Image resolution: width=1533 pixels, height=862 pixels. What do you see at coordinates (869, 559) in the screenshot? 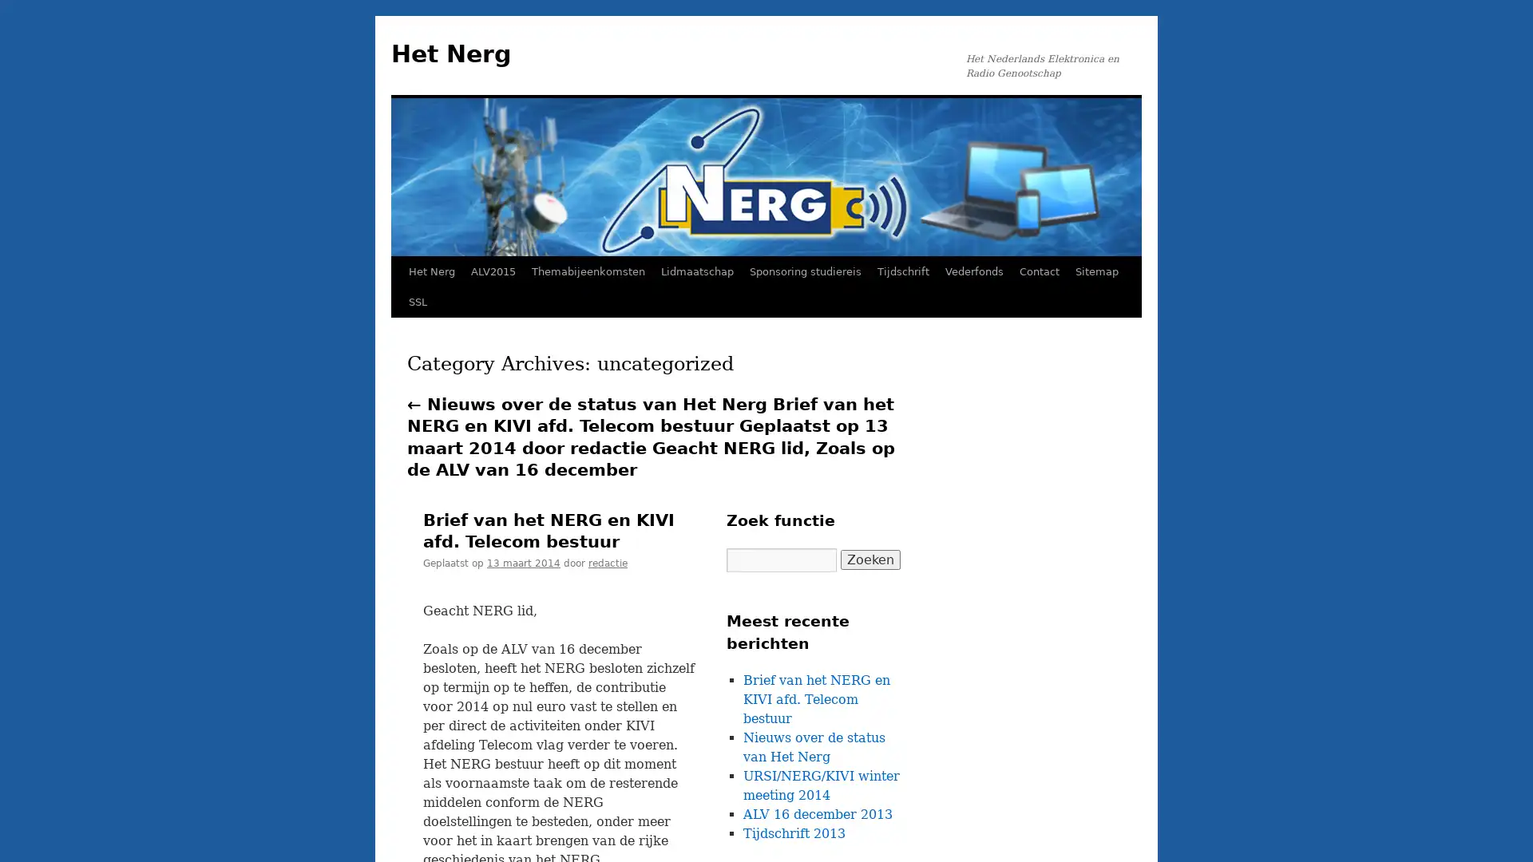
I see `Zoeken` at bounding box center [869, 559].